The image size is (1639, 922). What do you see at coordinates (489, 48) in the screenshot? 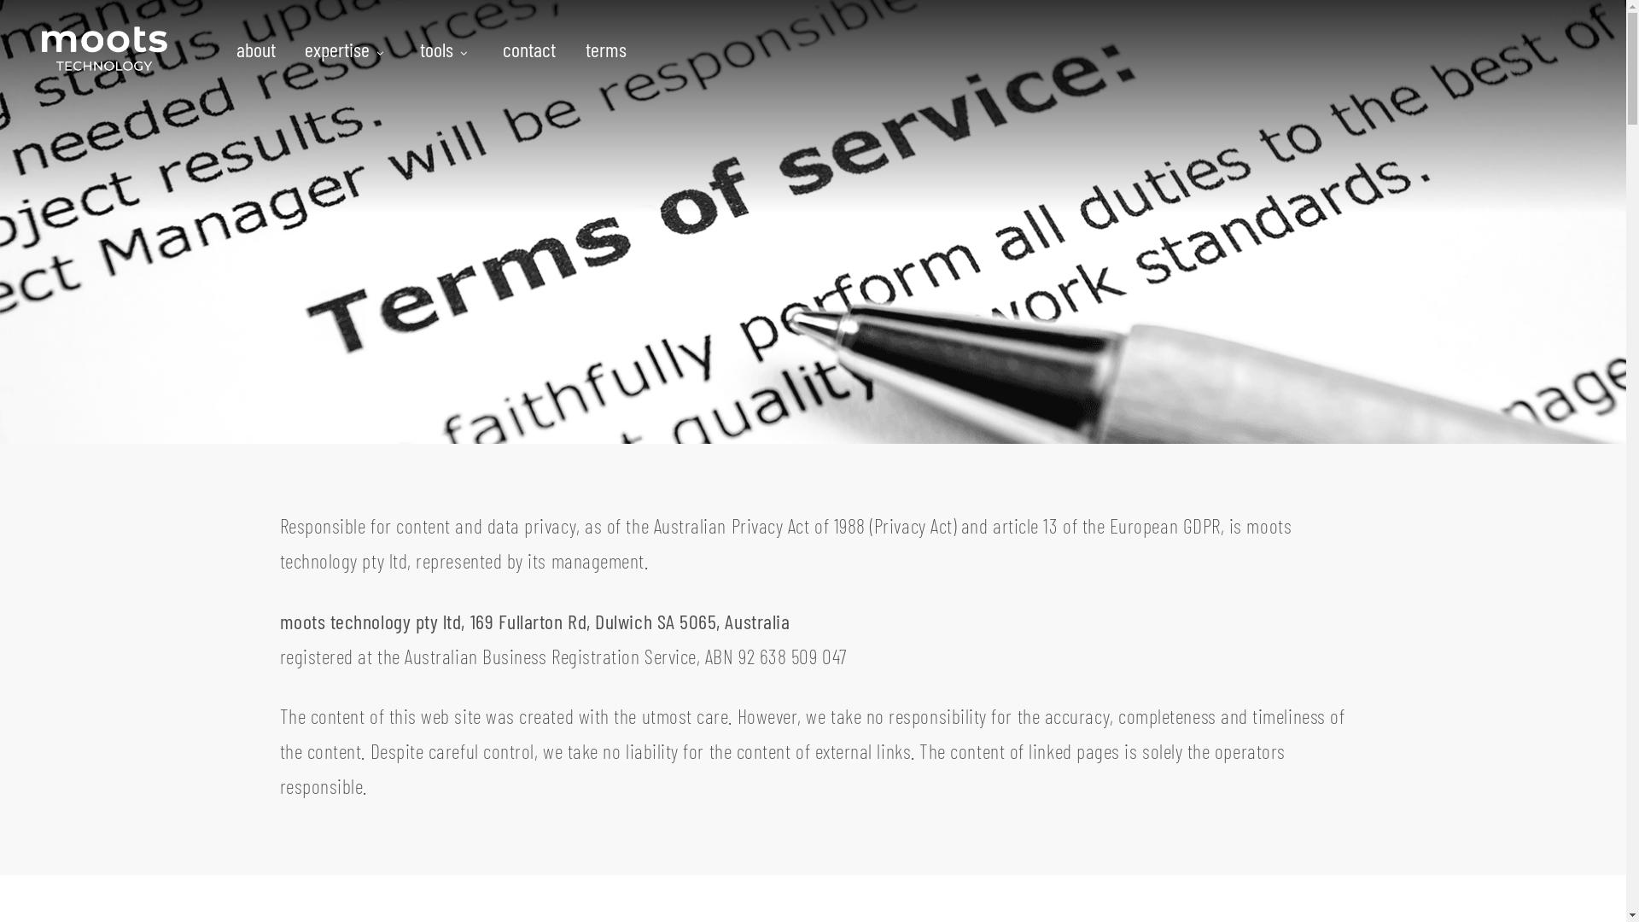
I see `'contact'` at bounding box center [489, 48].